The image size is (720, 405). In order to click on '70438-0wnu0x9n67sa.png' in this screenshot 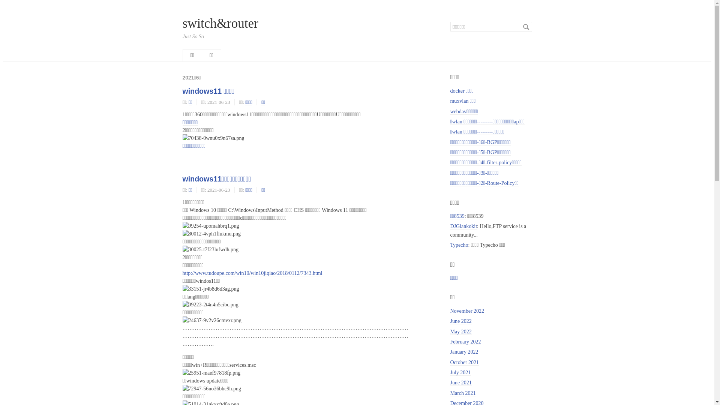, I will do `click(182, 138)`.